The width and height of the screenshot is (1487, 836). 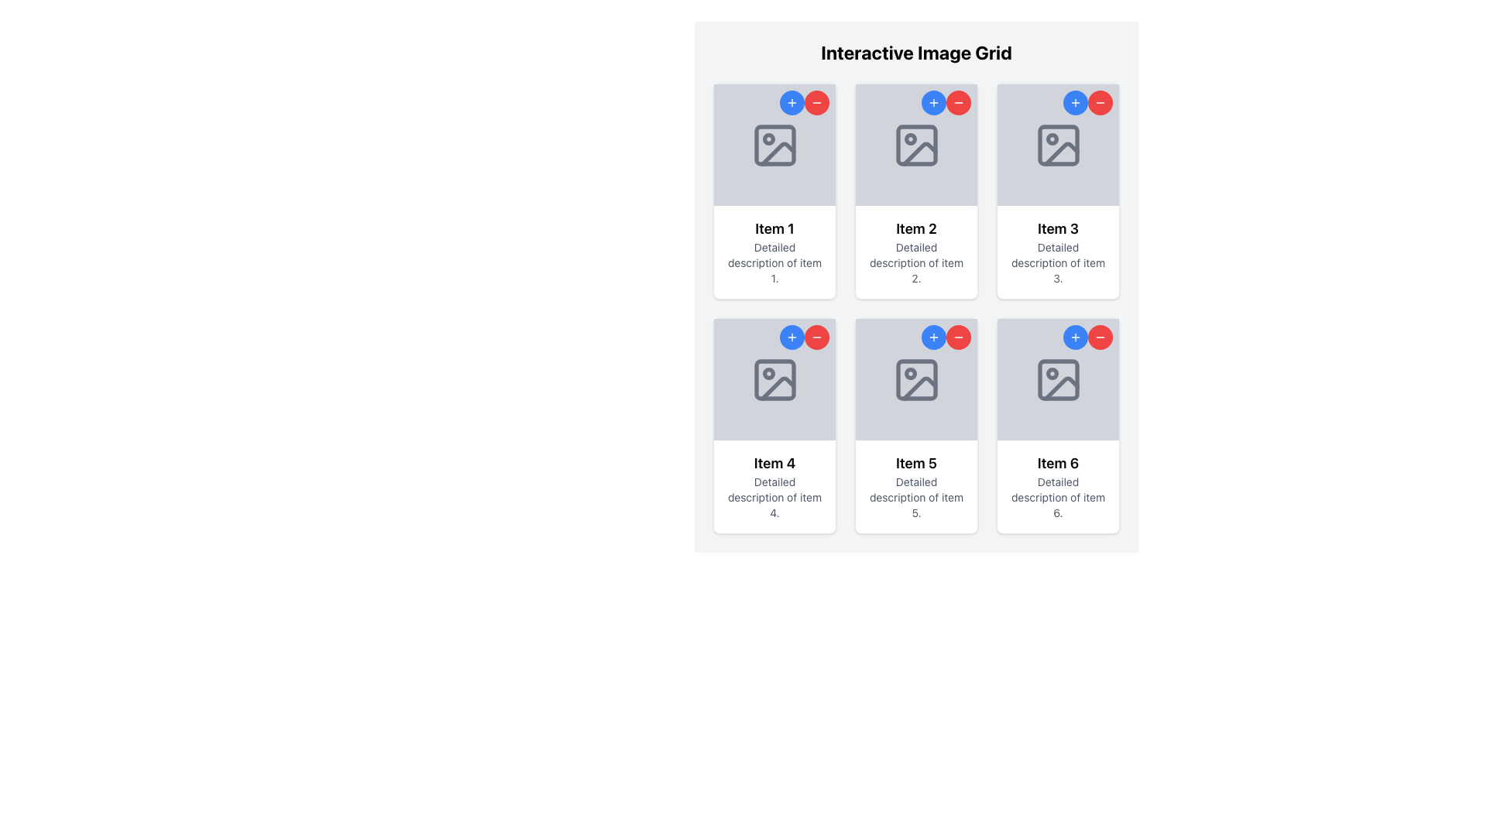 I want to click on the small circular graphic located within the icon for 'Item 2' in the grid, which is positioned centrally within the icon, so click(x=910, y=138).